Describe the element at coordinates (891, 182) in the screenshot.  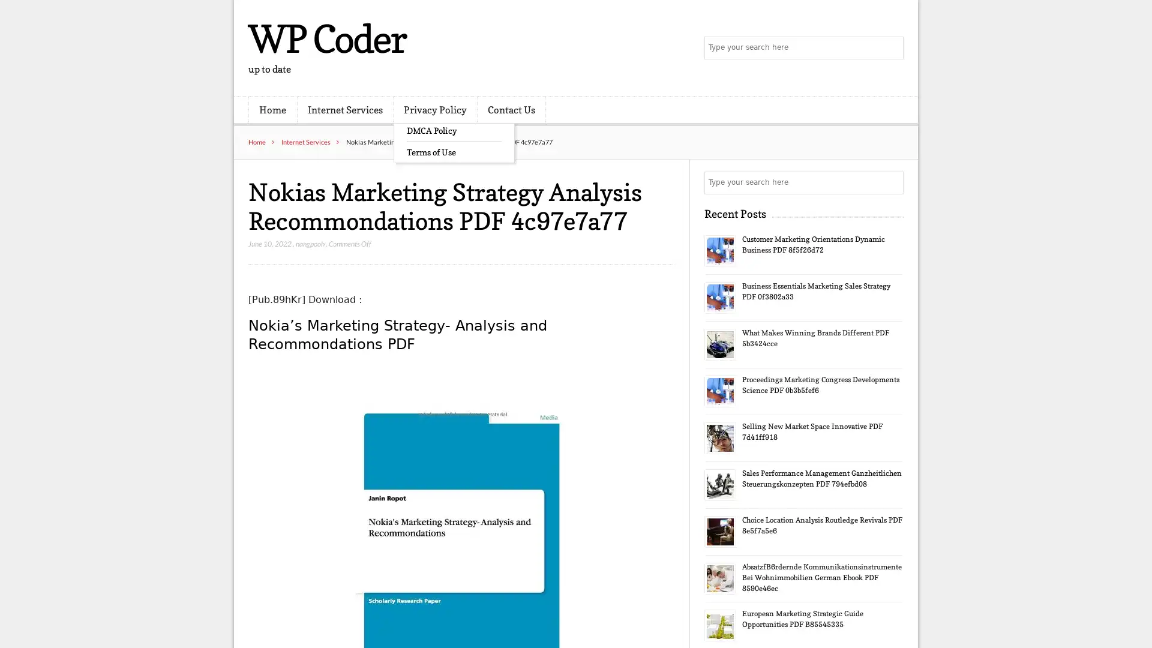
I see `Search` at that location.